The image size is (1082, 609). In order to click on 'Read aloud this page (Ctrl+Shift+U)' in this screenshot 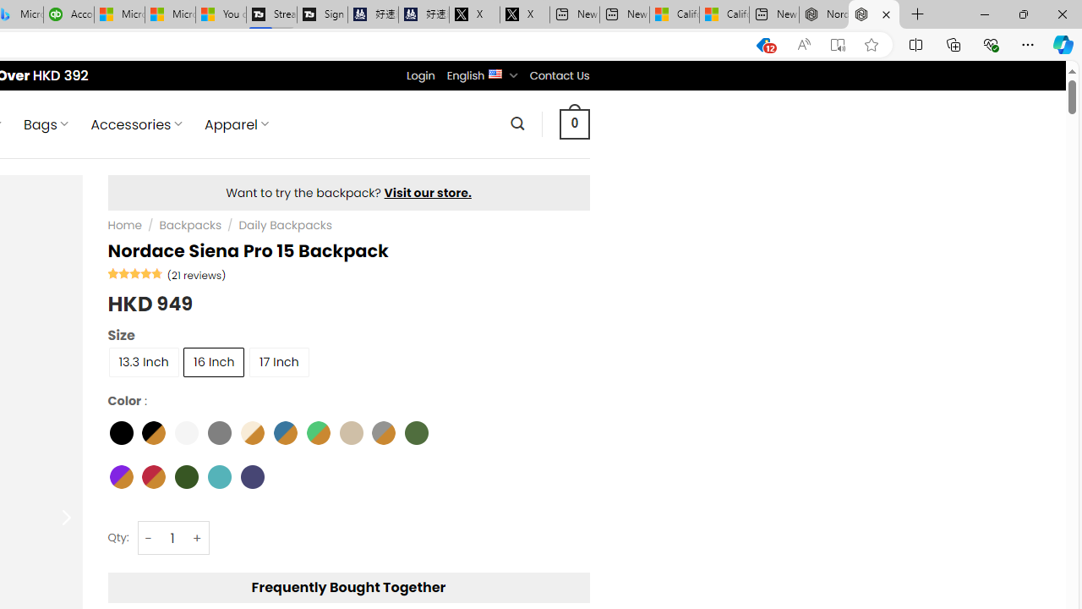, I will do `click(803, 44)`.